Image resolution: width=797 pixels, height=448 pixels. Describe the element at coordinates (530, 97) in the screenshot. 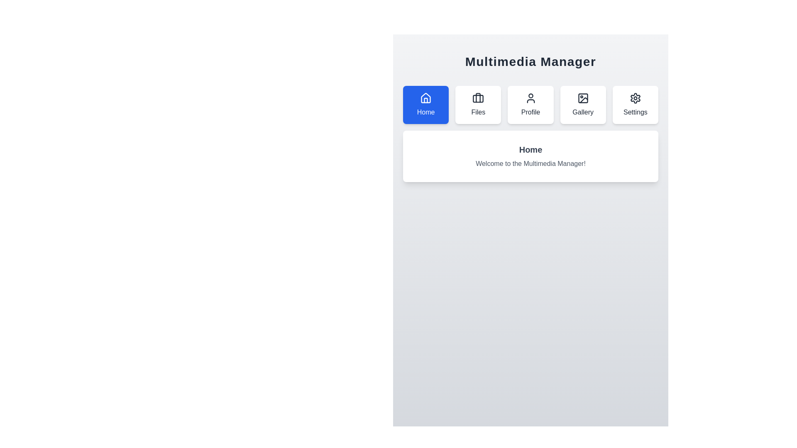

I see `the circular user silhouette icon, which is the third icon in a row of five navigation icons` at that location.